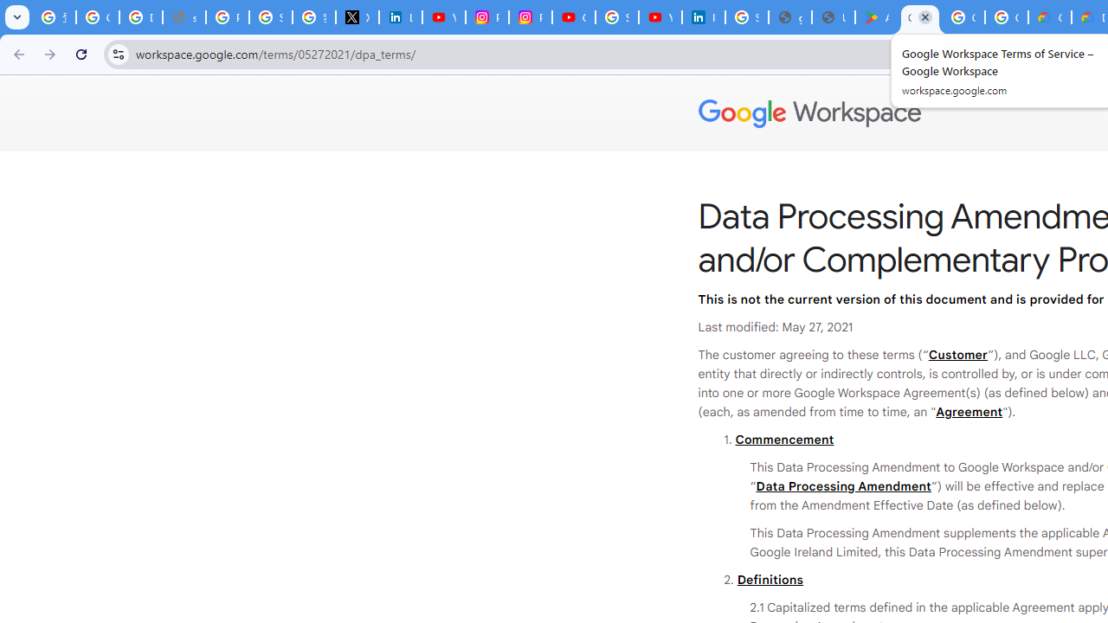 This screenshot has width=1108, height=623. Describe the element at coordinates (877, 17) in the screenshot. I see `'Android Apps on Google Play'` at that location.